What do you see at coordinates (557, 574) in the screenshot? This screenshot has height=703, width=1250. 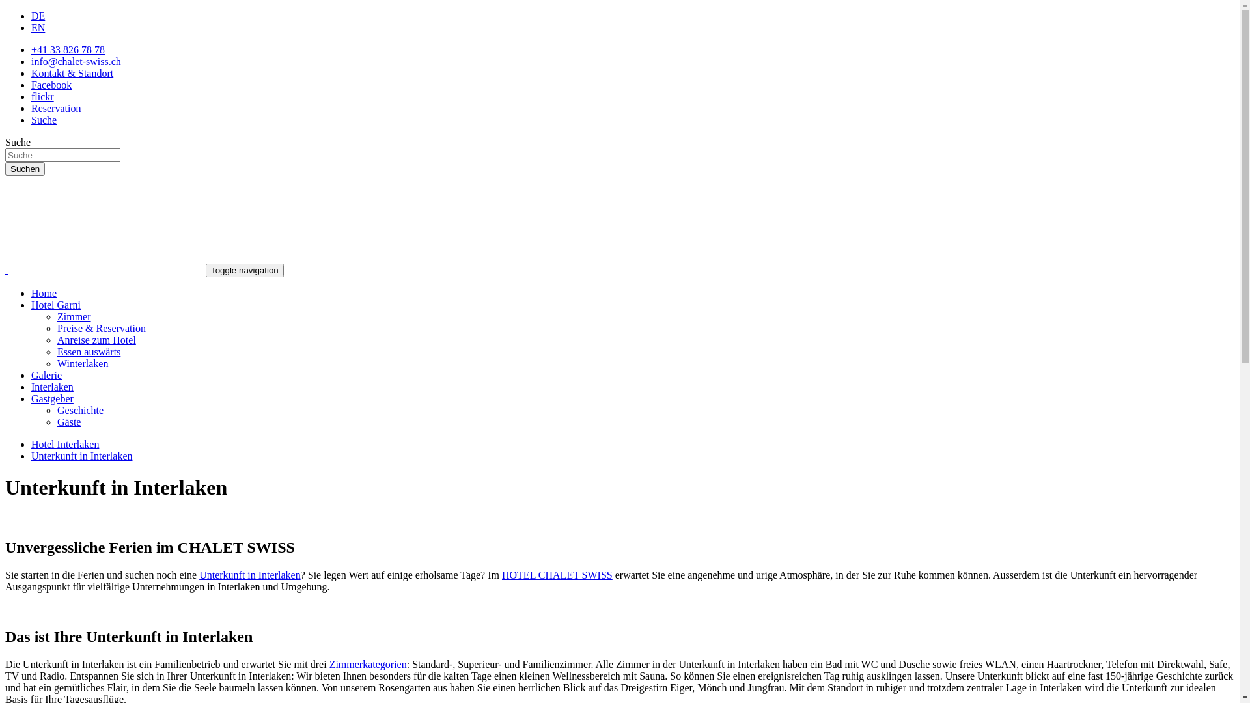 I see `'HOTEL CHALET SWISS'` at bounding box center [557, 574].